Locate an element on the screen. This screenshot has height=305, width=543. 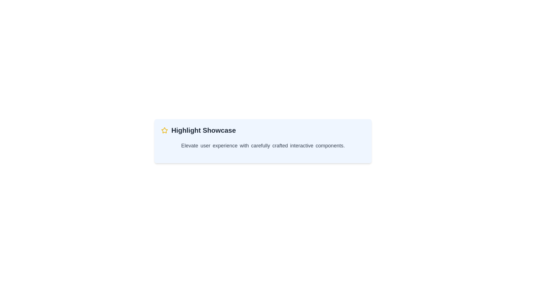
the leftmost decorative icon associated with the 'Highlight Showcase' heading, which enhances the visual appeal of the text is located at coordinates (164, 130).